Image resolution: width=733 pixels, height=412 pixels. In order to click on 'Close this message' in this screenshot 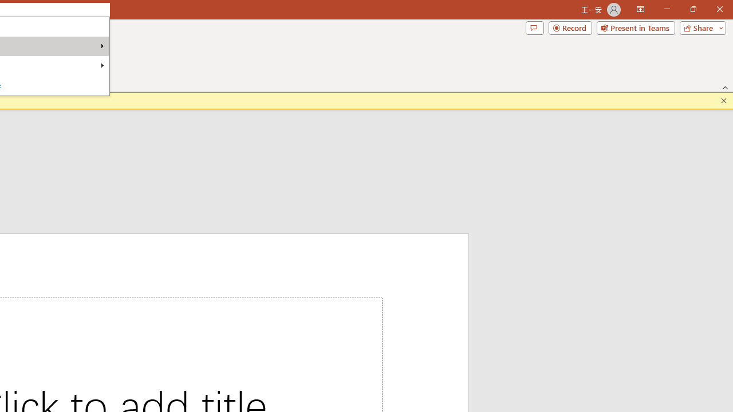, I will do `click(723, 100)`.